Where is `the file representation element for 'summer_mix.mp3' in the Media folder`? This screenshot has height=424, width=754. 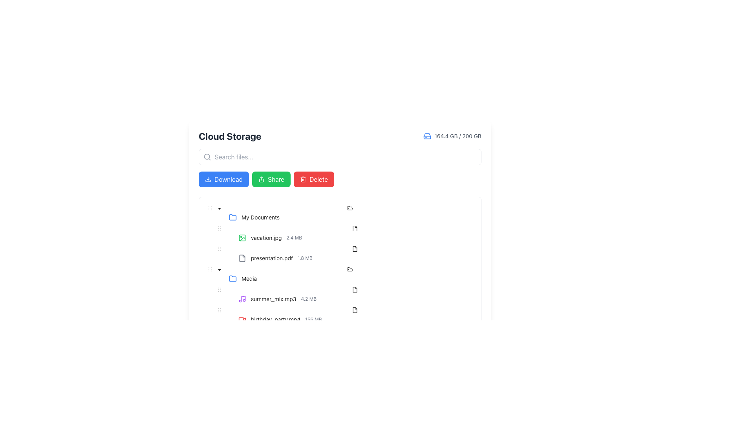 the file representation element for 'summer_mix.mp3' in the Media folder is located at coordinates (340, 294).